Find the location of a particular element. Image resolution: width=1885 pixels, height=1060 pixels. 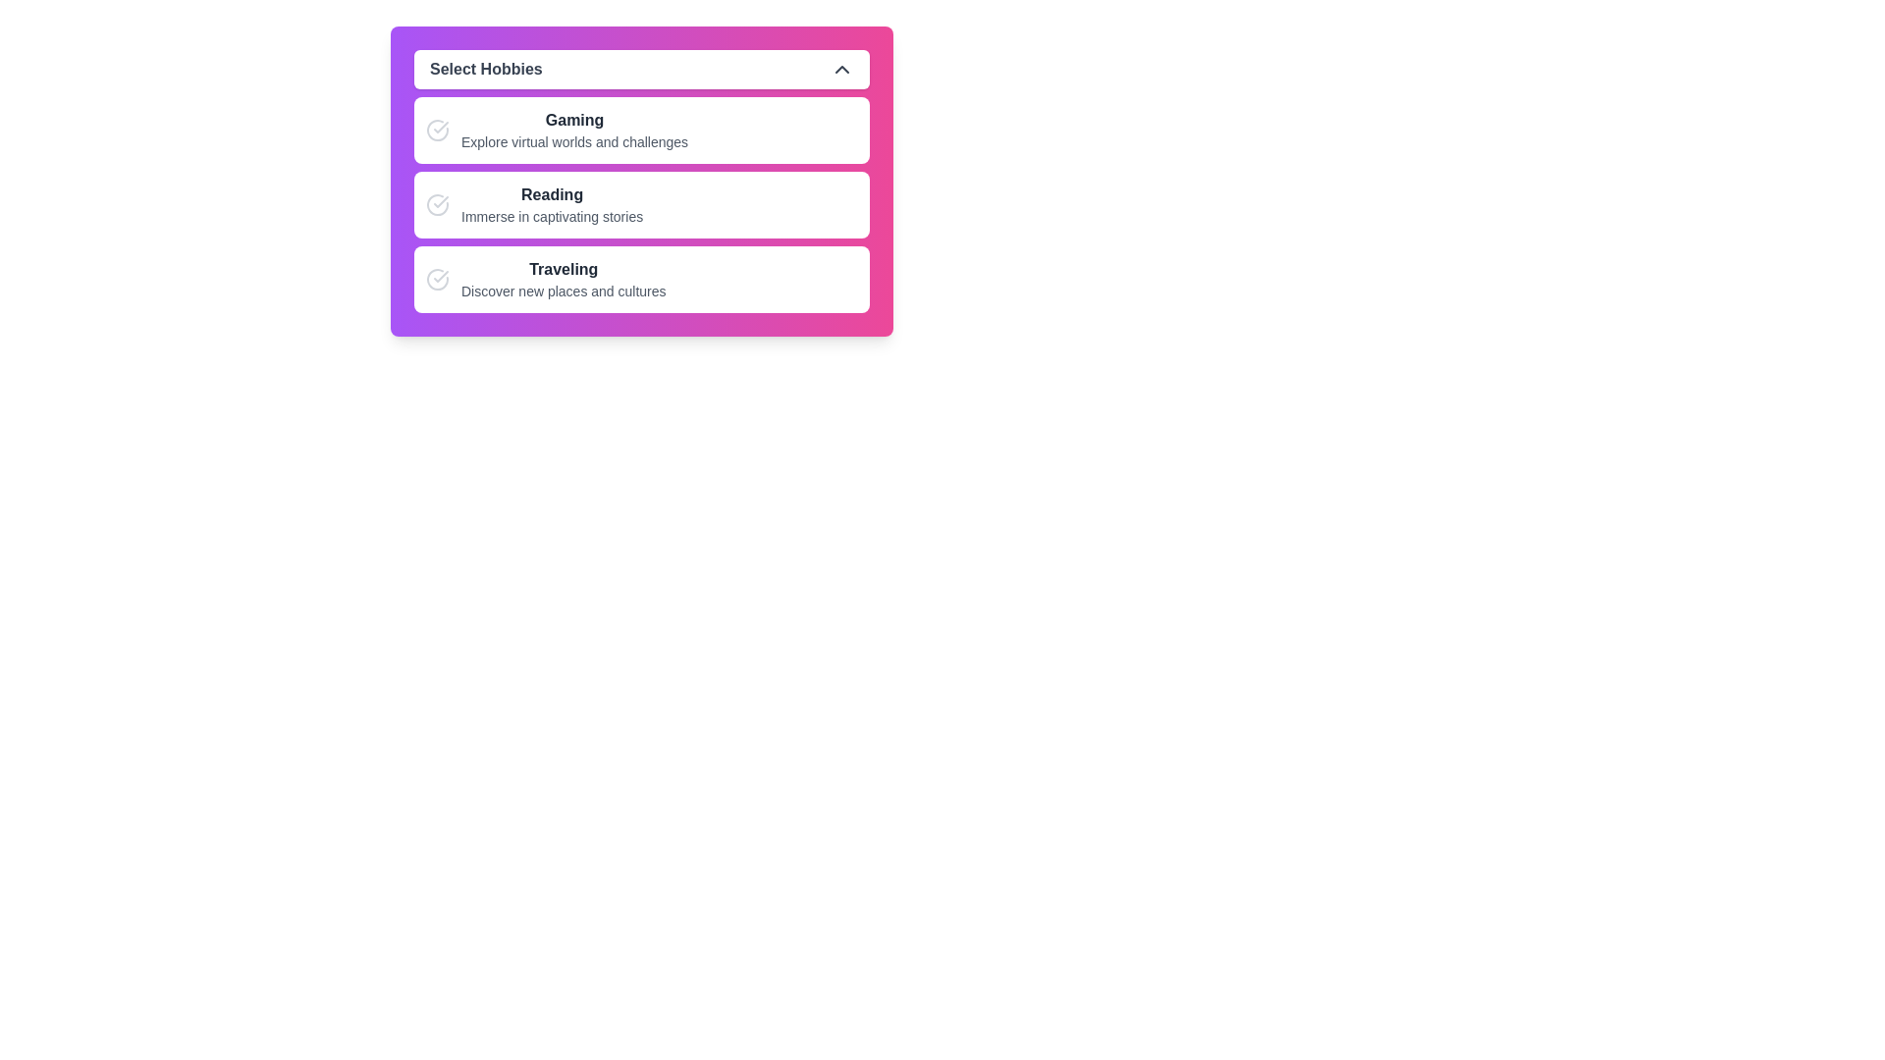

the 'Reading' selectable card, which is the second card in a group of three cards within the 'Select Hobbies' section, to choose it is located at coordinates (641, 204).